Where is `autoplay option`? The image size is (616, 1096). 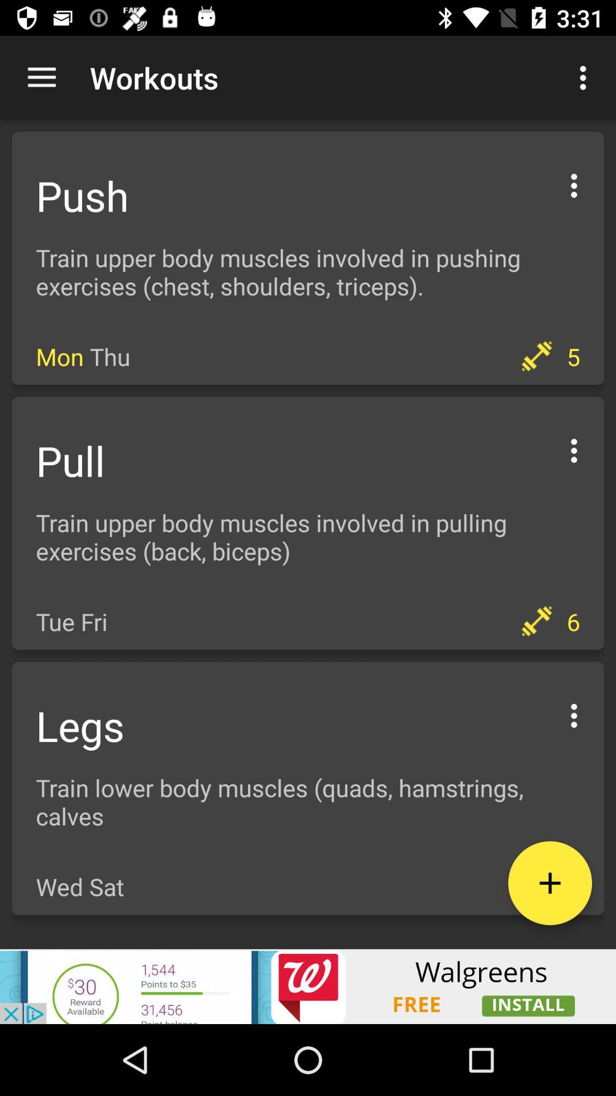
autoplay option is located at coordinates (574, 448).